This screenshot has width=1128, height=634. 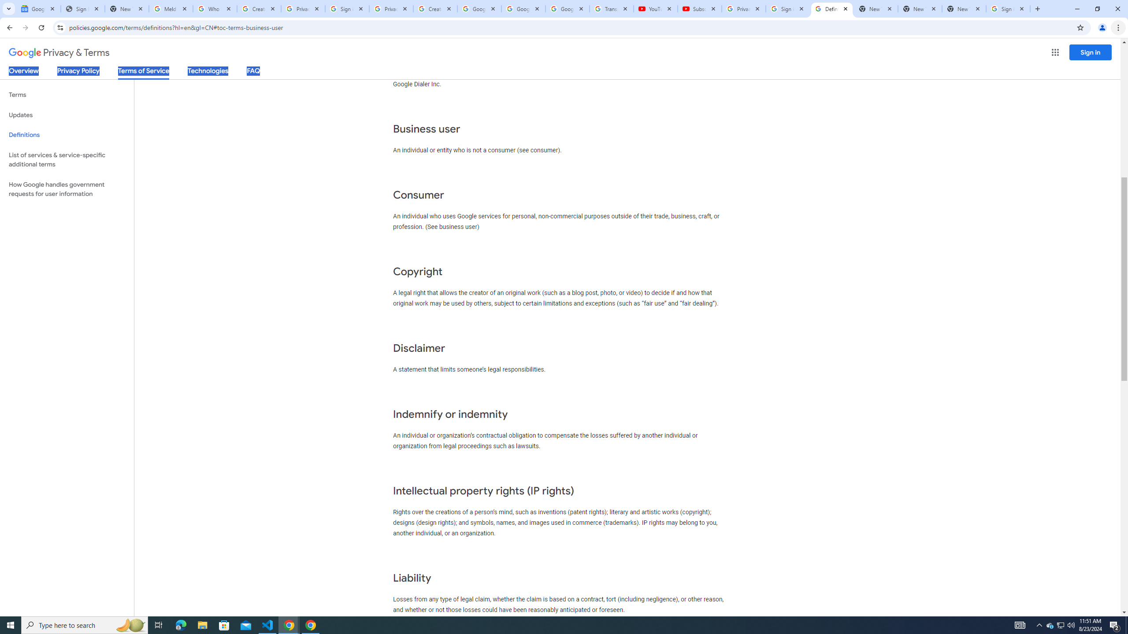 I want to click on 'Who is my administrator? - Google Account Help', so click(x=215, y=8).